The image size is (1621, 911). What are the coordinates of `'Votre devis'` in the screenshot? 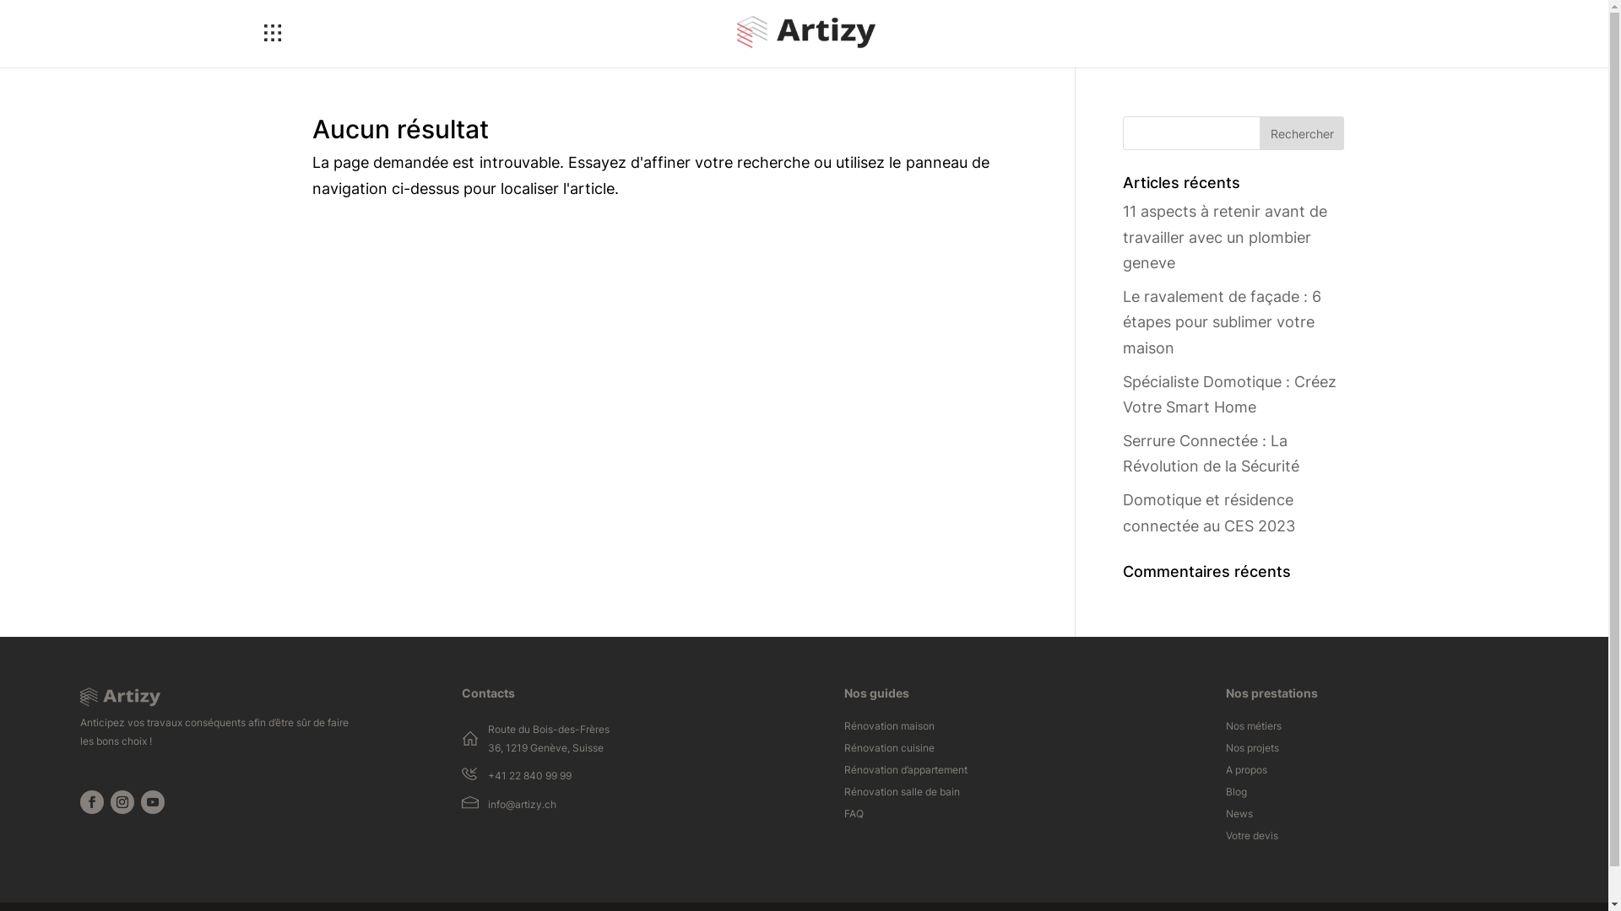 It's located at (1225, 839).